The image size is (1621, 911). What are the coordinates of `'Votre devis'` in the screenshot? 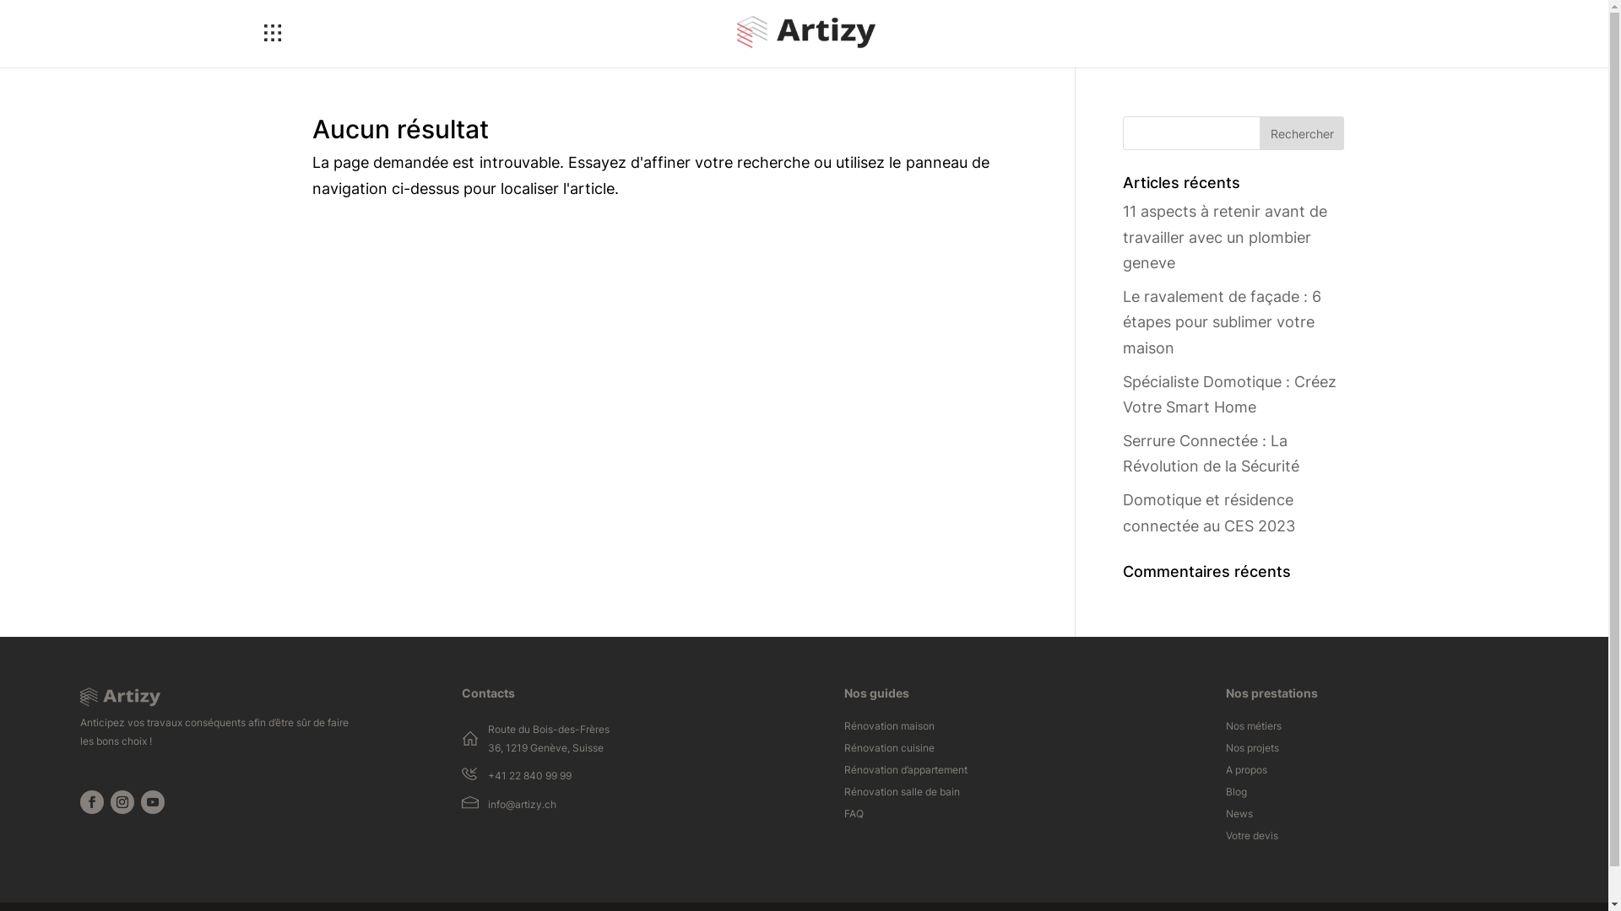 It's located at (1225, 839).